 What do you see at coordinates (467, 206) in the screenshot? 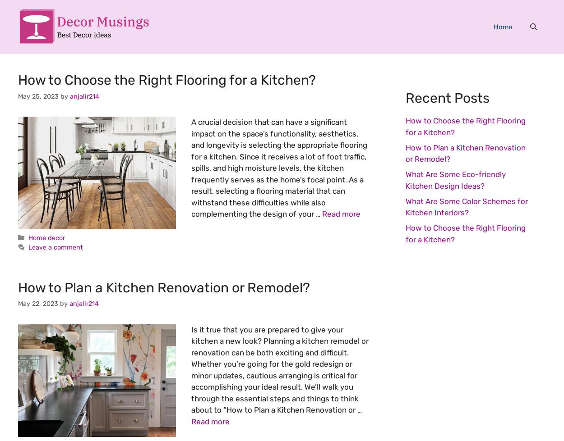
I see `'What Are Some Color Schemes for Kitchen Interiors?'` at bounding box center [467, 206].